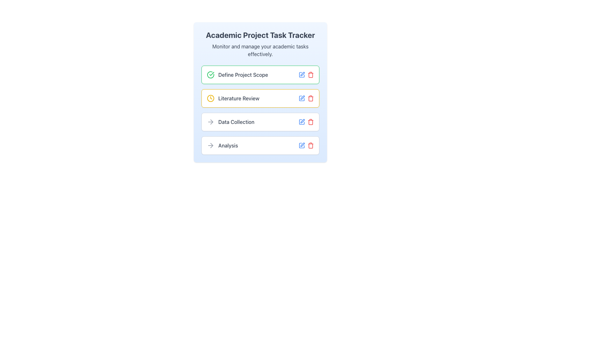  What do you see at coordinates (310, 75) in the screenshot?
I see `the Trash icon located in the rightmost action column of the first task row labeled 'Define Project Scope'` at bounding box center [310, 75].